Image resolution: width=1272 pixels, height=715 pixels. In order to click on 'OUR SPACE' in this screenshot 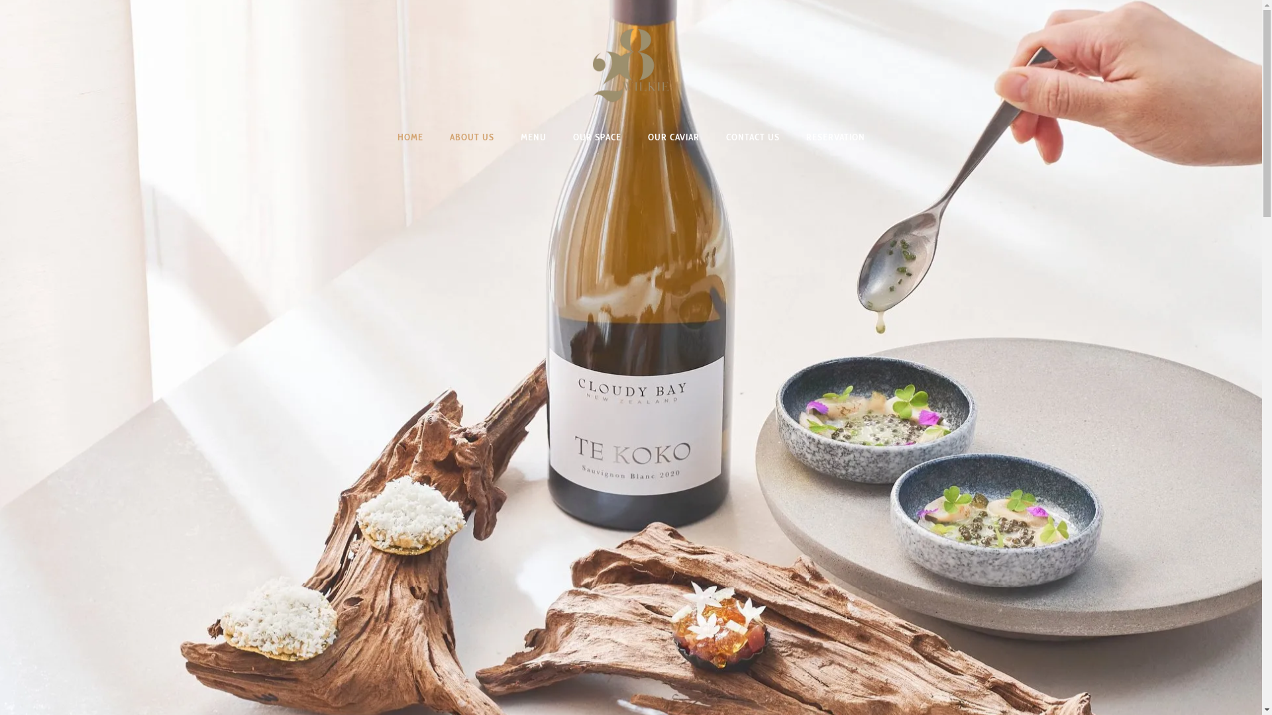, I will do `click(596, 137)`.